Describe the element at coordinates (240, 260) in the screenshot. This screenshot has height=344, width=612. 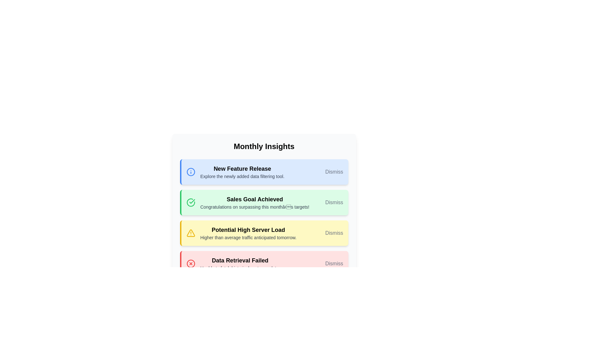
I see `the text label that reads 'Data Retrieval Failed', which is styled with bold, large-sized font and located in the fourth horizontal card of notification panels` at that location.